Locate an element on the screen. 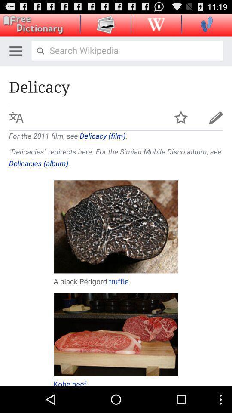  wikipedia is located at coordinates (156, 24).